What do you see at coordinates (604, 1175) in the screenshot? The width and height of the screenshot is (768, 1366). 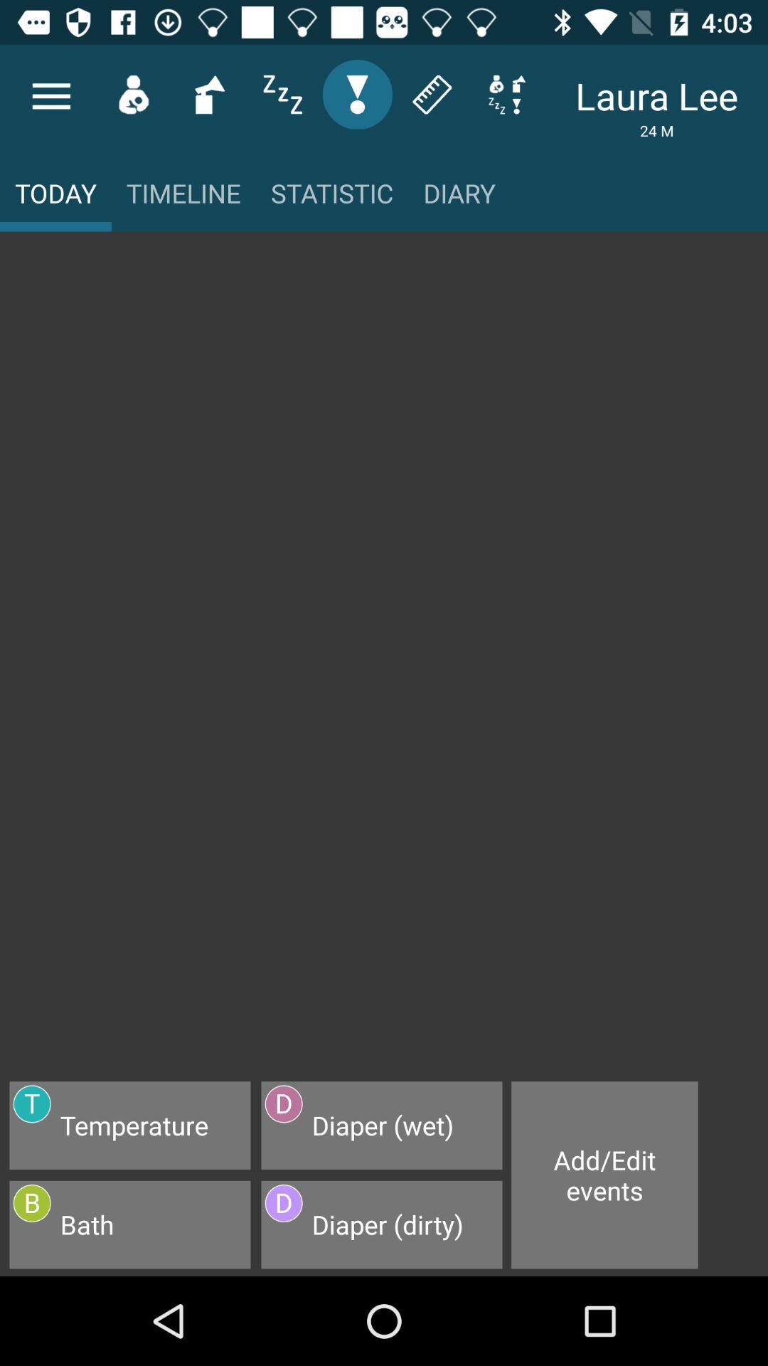 I see `add/edit` at bounding box center [604, 1175].